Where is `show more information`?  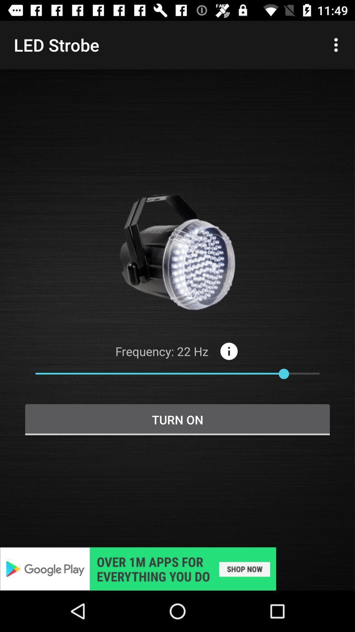
show more information is located at coordinates (228, 351).